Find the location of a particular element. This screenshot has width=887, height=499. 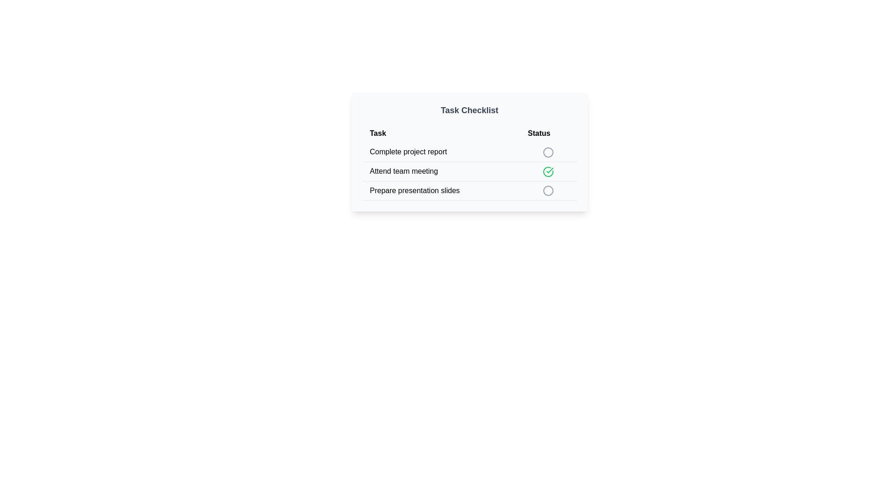

the circular status indicator in the 'Status' column for the 'Complete project report' task is located at coordinates (548, 152).